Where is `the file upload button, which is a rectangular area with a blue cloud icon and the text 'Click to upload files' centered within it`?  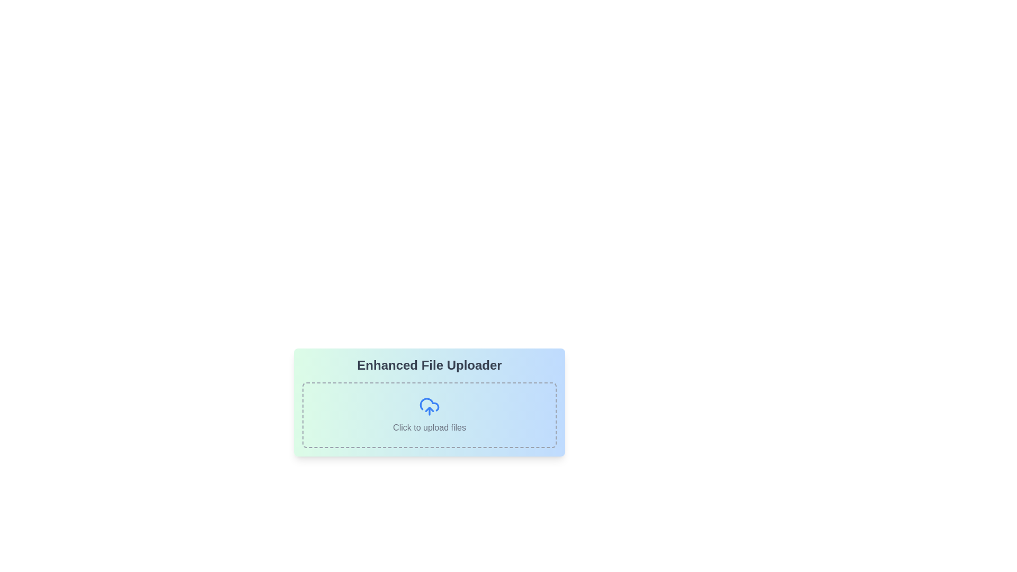 the file upload button, which is a rectangular area with a blue cloud icon and the text 'Click to upload files' centered within it is located at coordinates (430, 414).